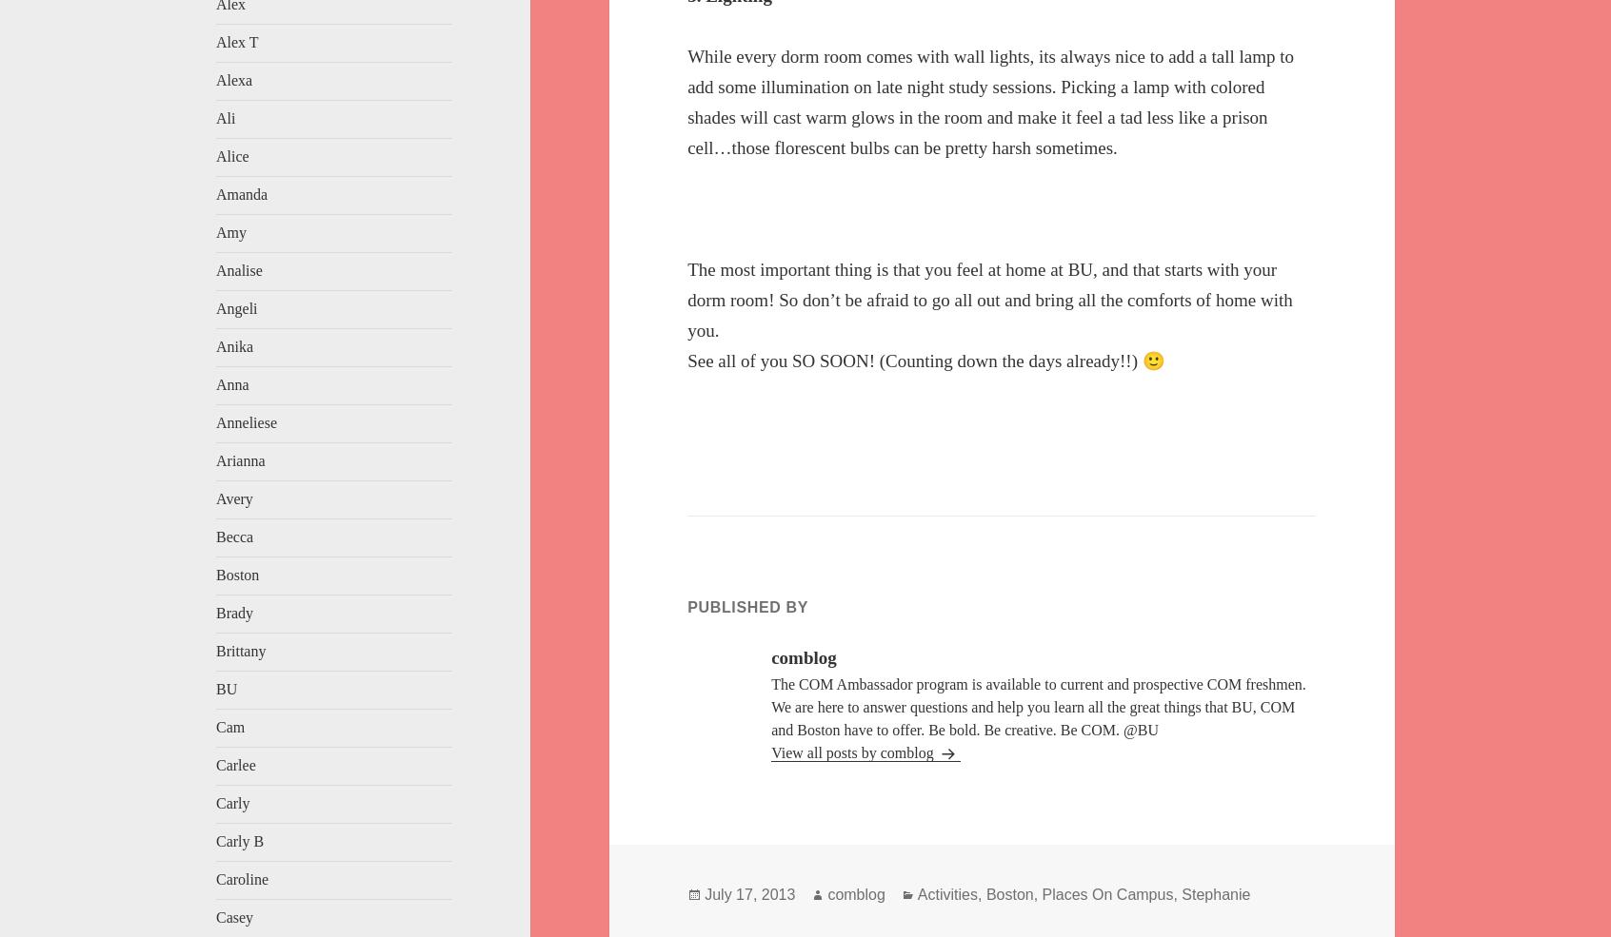 The width and height of the screenshot is (1611, 937). Describe the element at coordinates (1038, 707) in the screenshot. I see `'The COM Ambassador program is available to current and prospective COM freshmen. We are here to answer questions and help you learn all the great things that BU, COM and Boston have to offer.

Be bold. Be creative. Be COM. @BU'` at that location.